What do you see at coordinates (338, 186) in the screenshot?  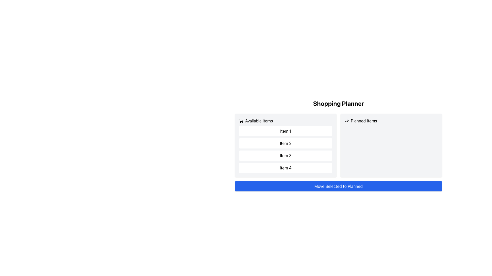 I see `the button that moves selected items from 'Available Items' to 'Planned Items'` at bounding box center [338, 186].